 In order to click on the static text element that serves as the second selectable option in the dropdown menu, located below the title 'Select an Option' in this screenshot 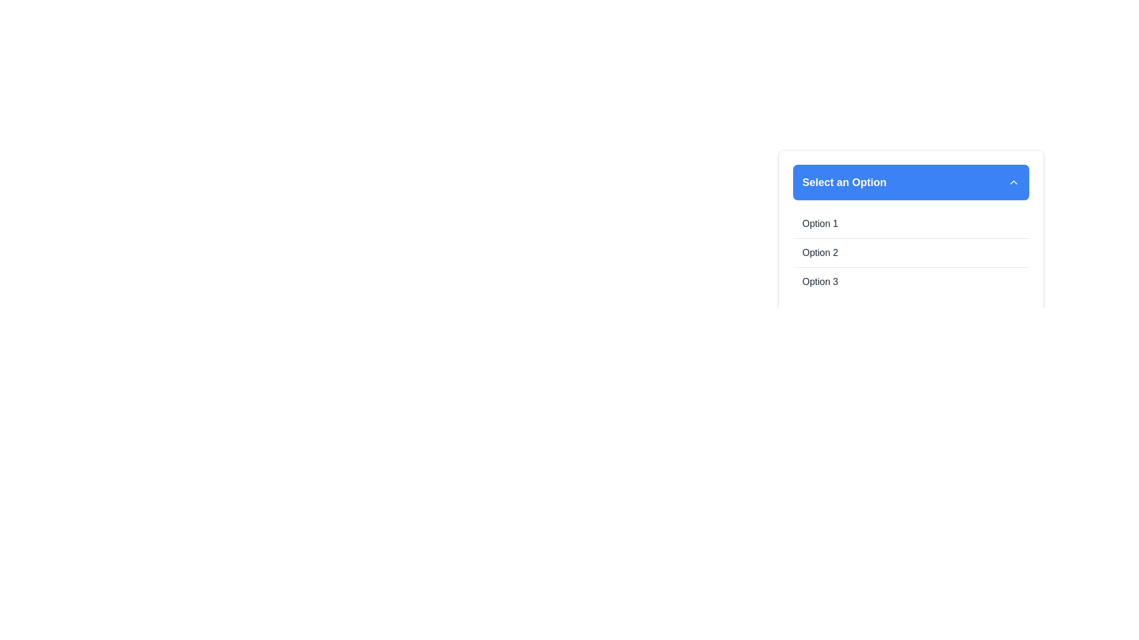, I will do `click(819, 252)`.